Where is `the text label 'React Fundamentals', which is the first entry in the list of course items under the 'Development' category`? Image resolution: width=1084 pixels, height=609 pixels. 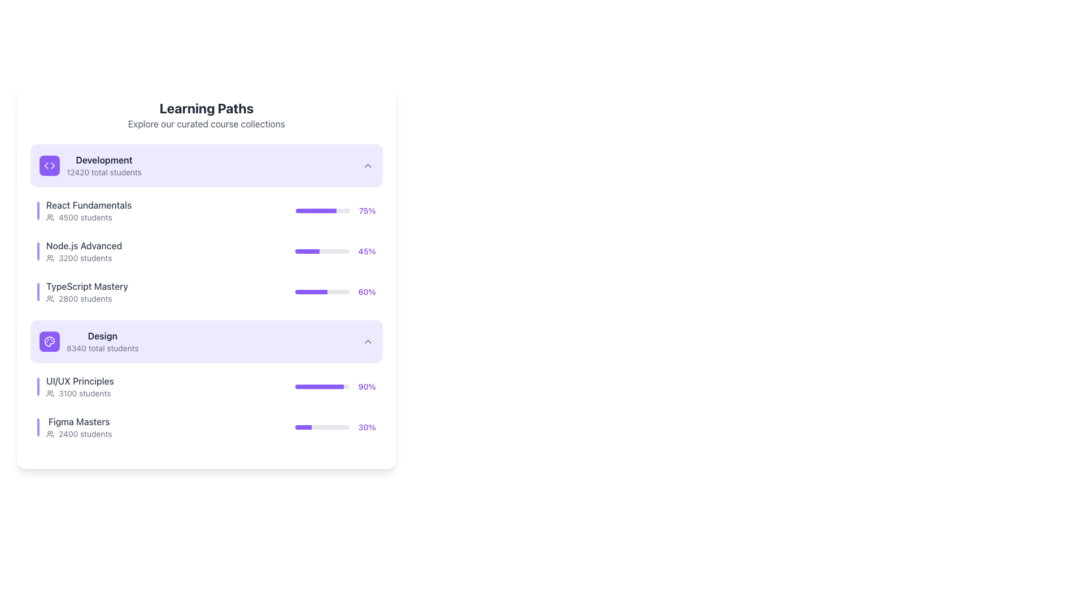 the text label 'React Fundamentals', which is the first entry in the list of course items under the 'Development' category is located at coordinates (88, 211).